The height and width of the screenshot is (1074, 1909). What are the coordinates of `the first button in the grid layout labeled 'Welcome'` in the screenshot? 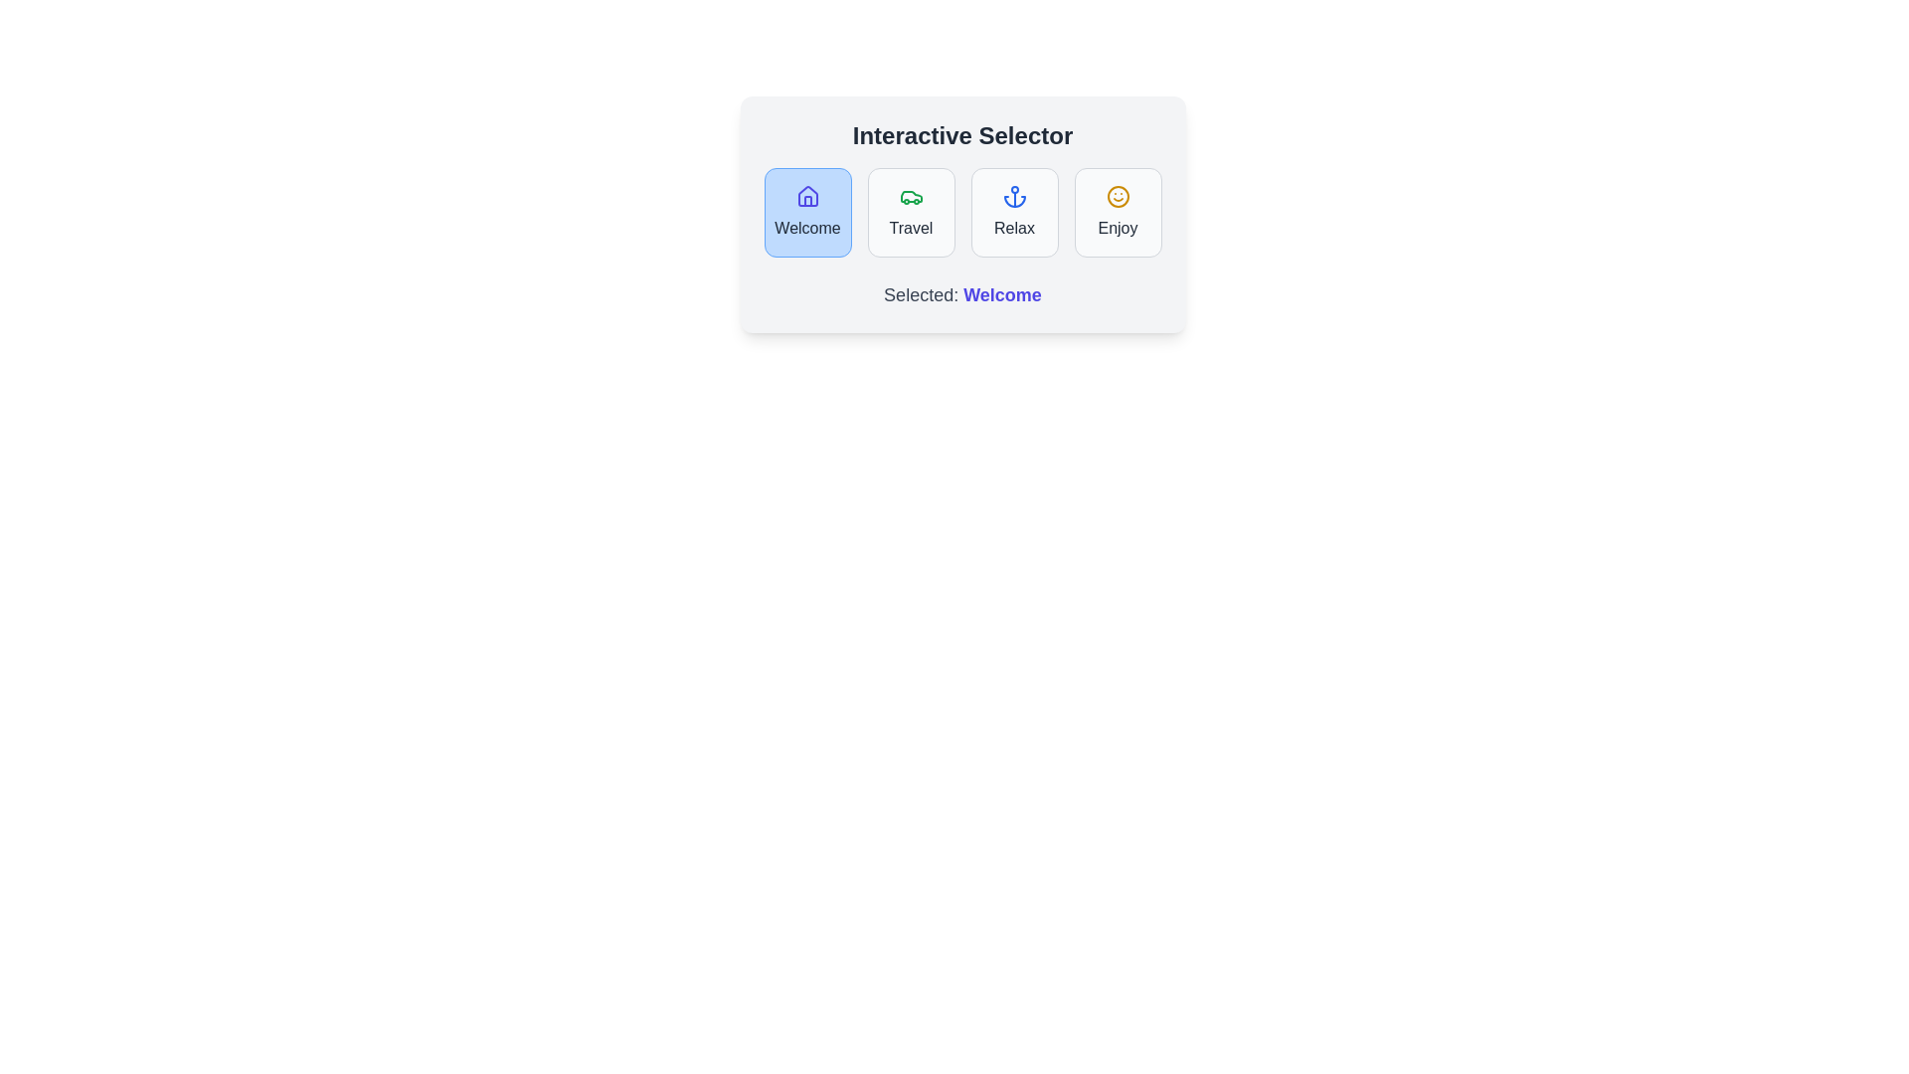 It's located at (807, 212).